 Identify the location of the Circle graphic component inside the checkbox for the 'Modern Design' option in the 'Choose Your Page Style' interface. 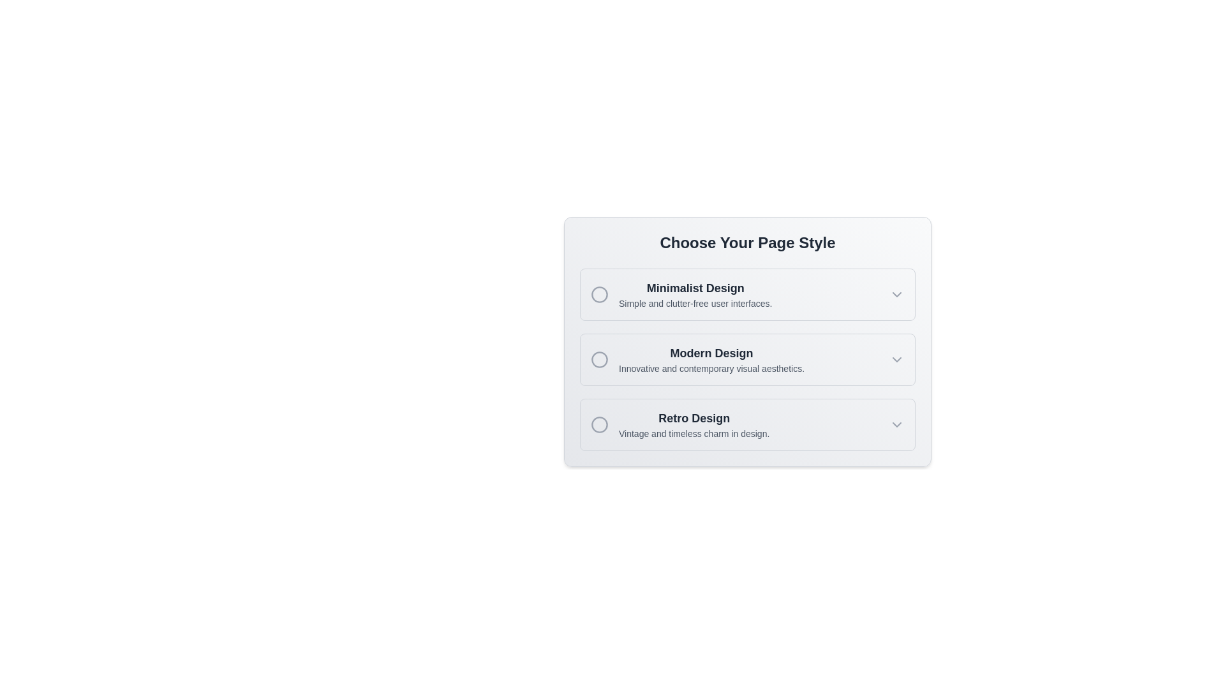
(599, 359).